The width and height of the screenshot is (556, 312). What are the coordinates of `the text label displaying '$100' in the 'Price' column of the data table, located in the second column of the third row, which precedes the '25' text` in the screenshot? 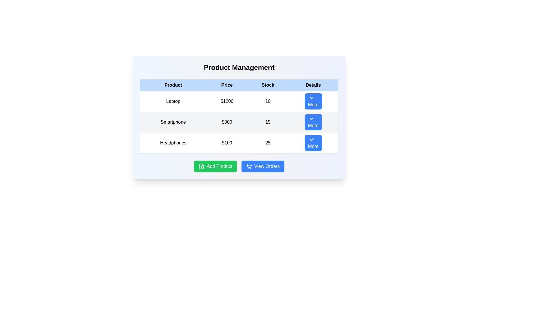 It's located at (226, 143).